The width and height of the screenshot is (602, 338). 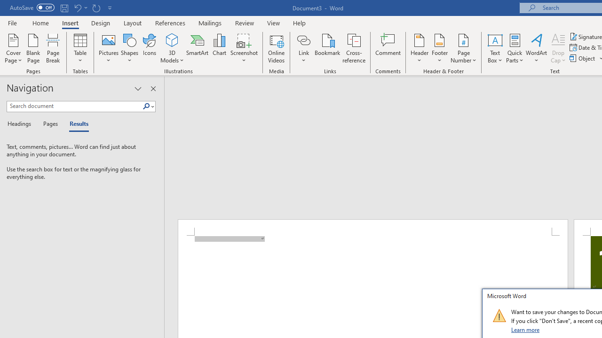 What do you see at coordinates (49, 124) in the screenshot?
I see `'Pages'` at bounding box center [49, 124].